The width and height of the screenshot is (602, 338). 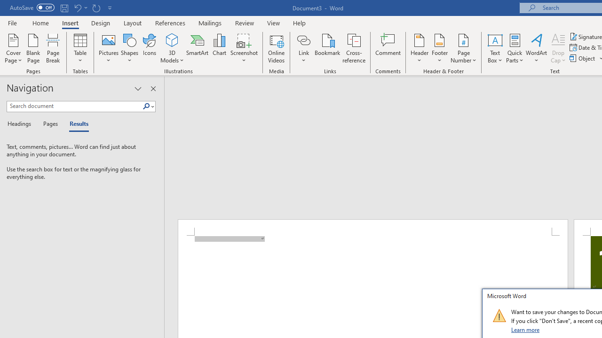 What do you see at coordinates (49, 124) in the screenshot?
I see `'Pages'` at bounding box center [49, 124].